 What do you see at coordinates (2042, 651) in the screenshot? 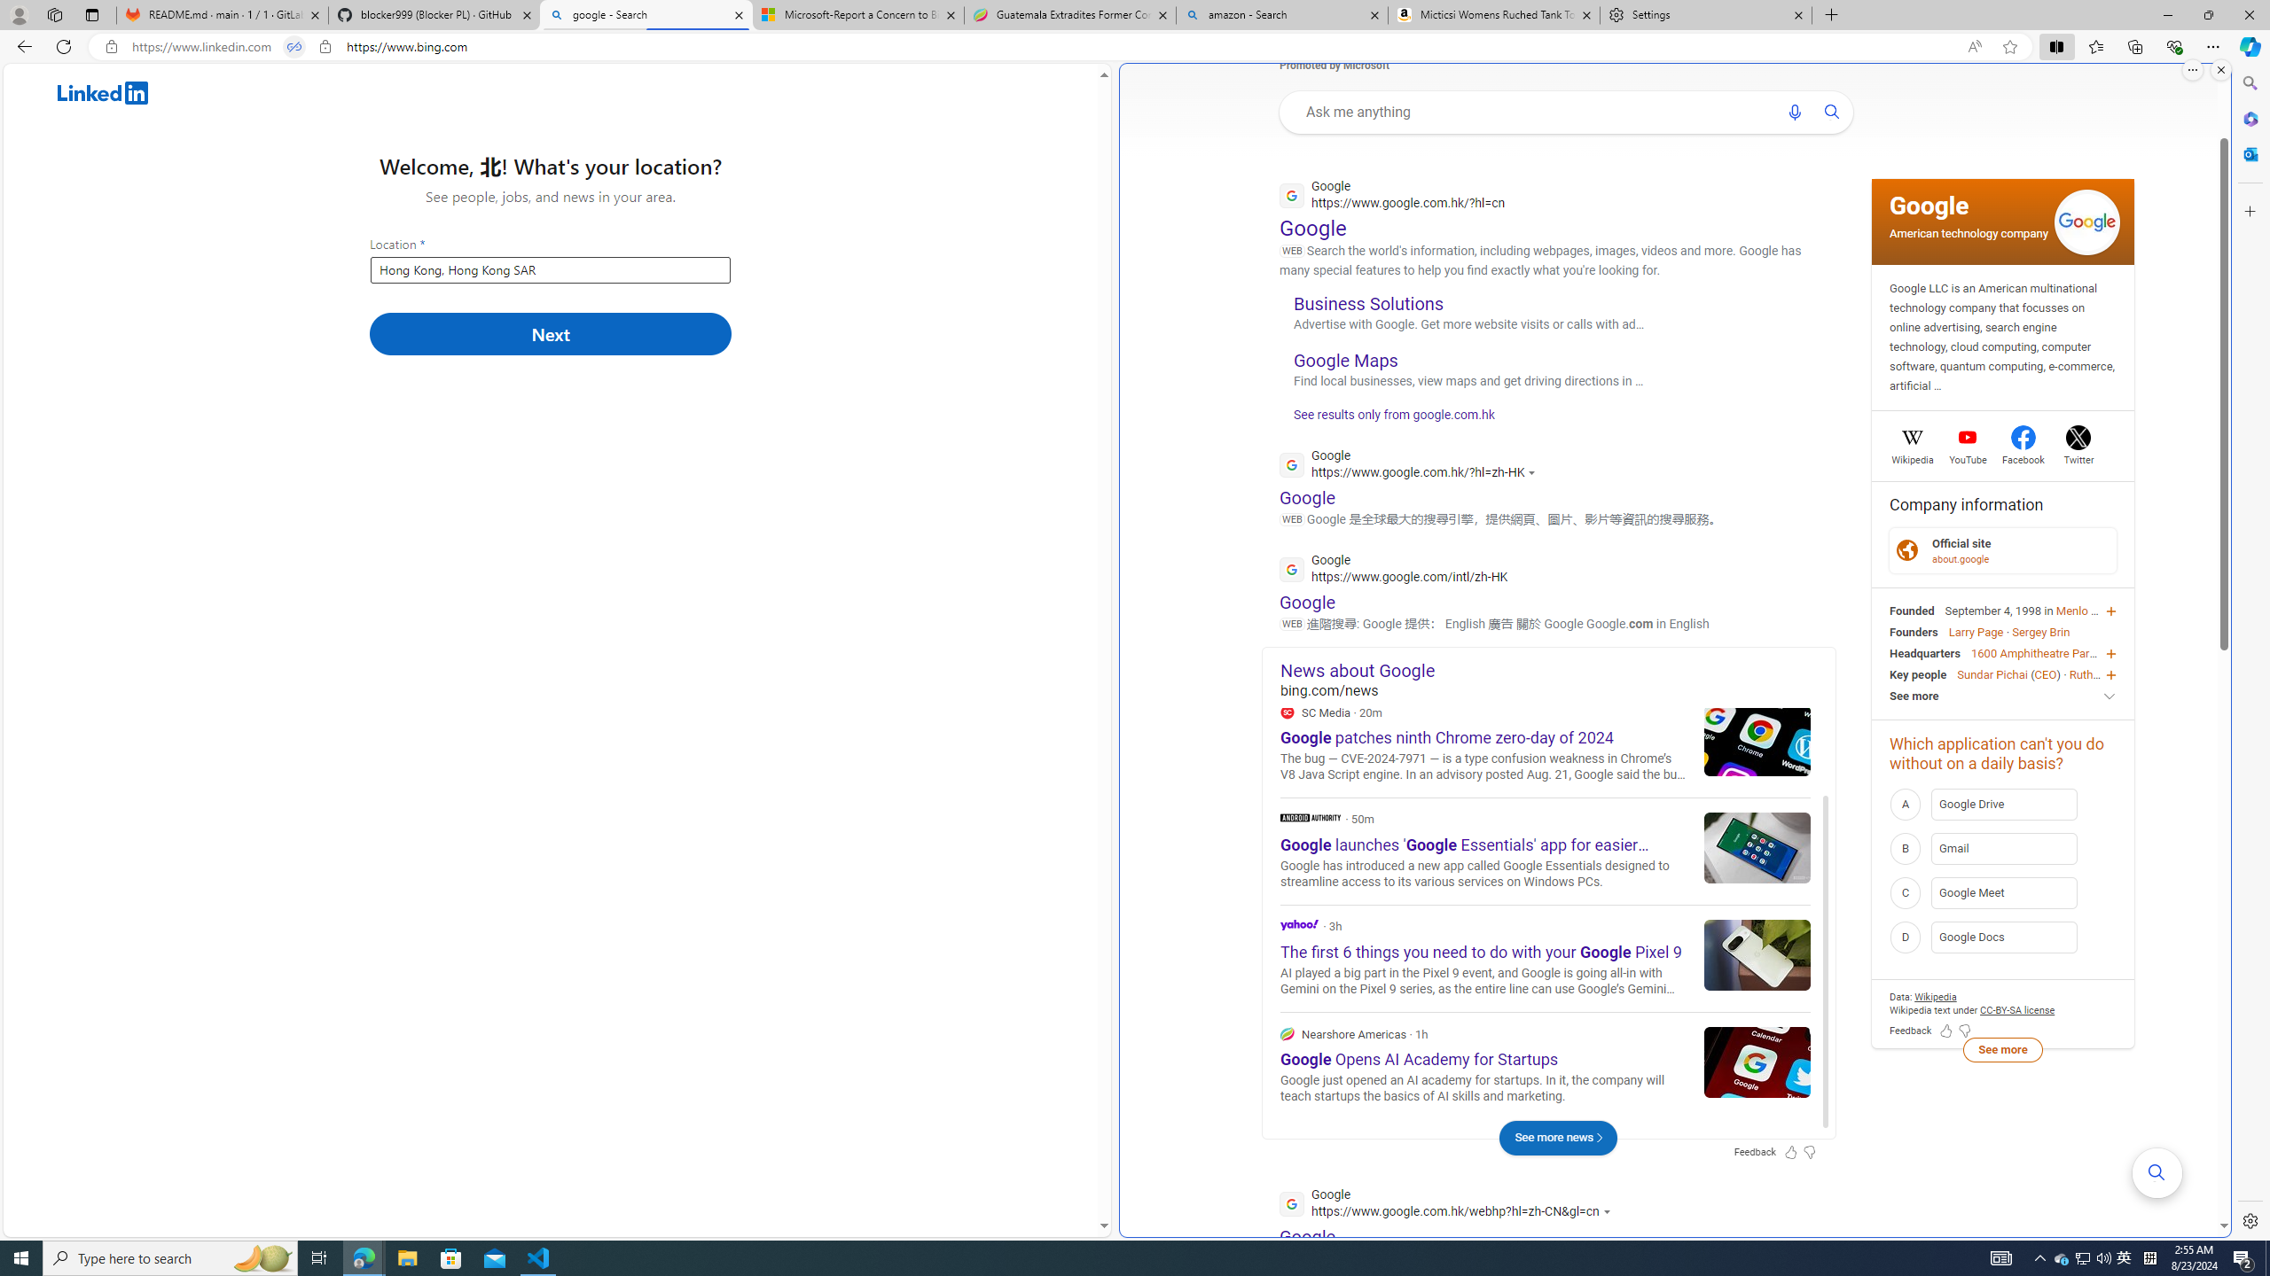
I see `'1600 Amphitheatre Parkway'` at bounding box center [2042, 651].